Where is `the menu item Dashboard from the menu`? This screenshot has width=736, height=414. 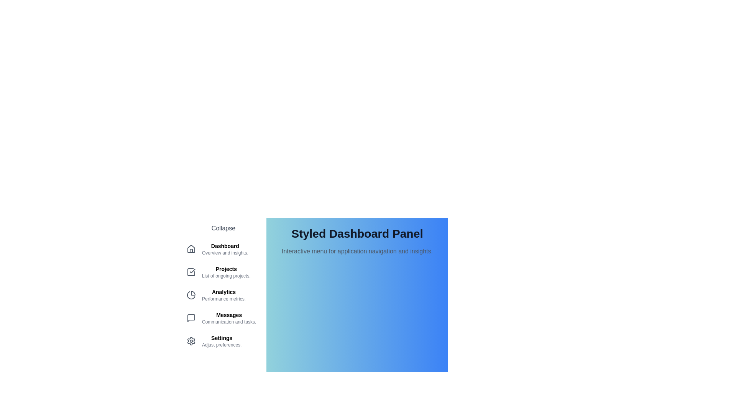
the menu item Dashboard from the menu is located at coordinates (223, 249).